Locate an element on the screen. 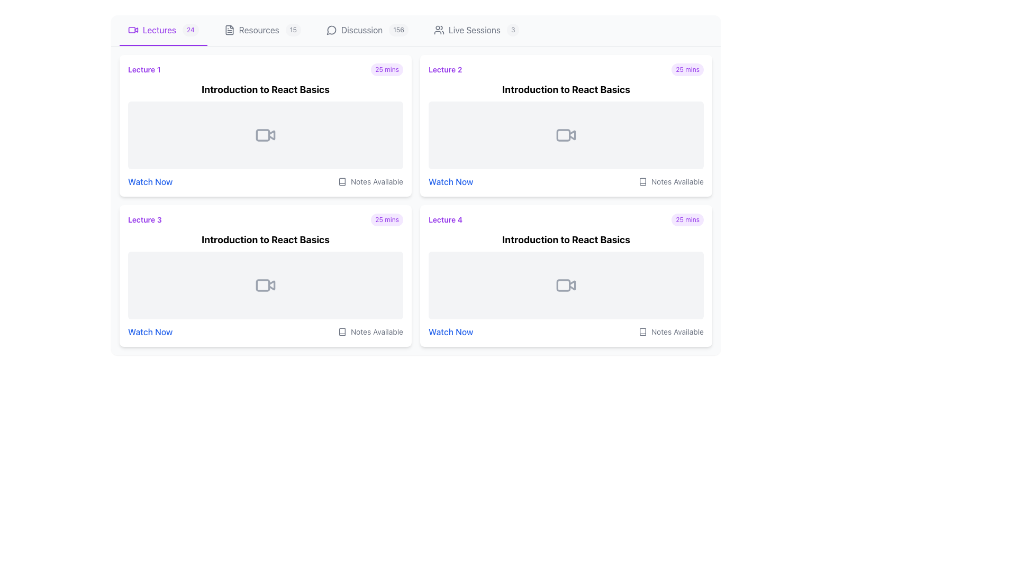  the text label that identifies the title of a lecture, located in the second row, first column of the lecture cards grid is located at coordinates (266, 240).